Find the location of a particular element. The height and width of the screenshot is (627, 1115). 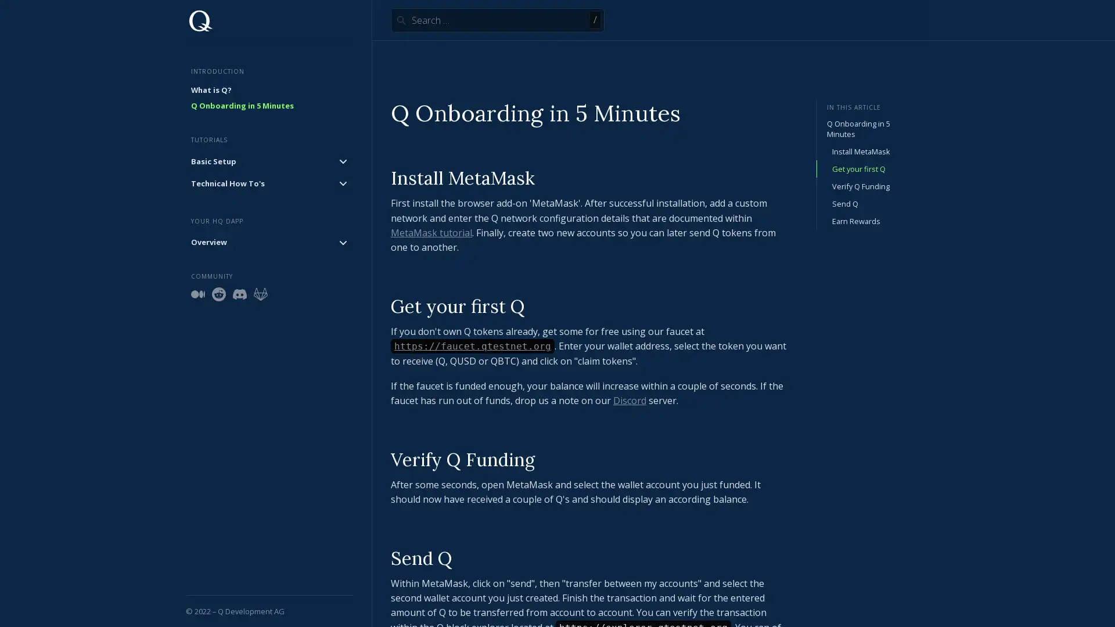

Technical How To's is located at coordinates (269, 183).